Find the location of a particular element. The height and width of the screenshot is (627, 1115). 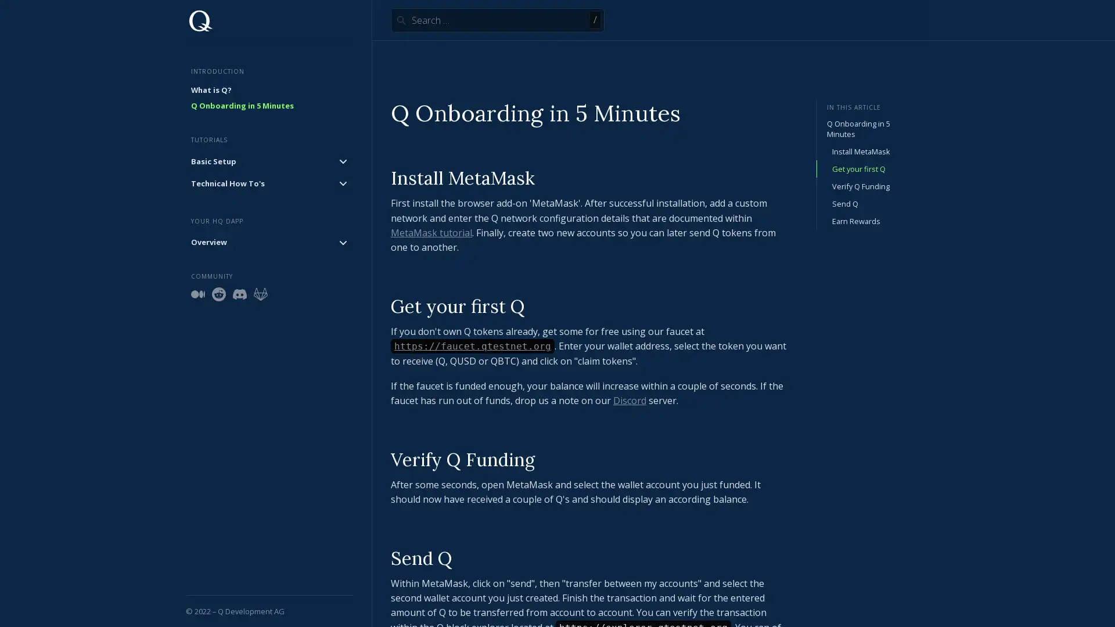

Technical How To's is located at coordinates (269, 183).